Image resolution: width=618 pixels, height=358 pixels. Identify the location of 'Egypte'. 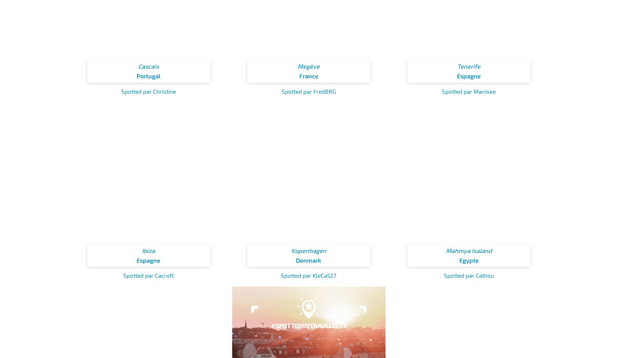
(458, 260).